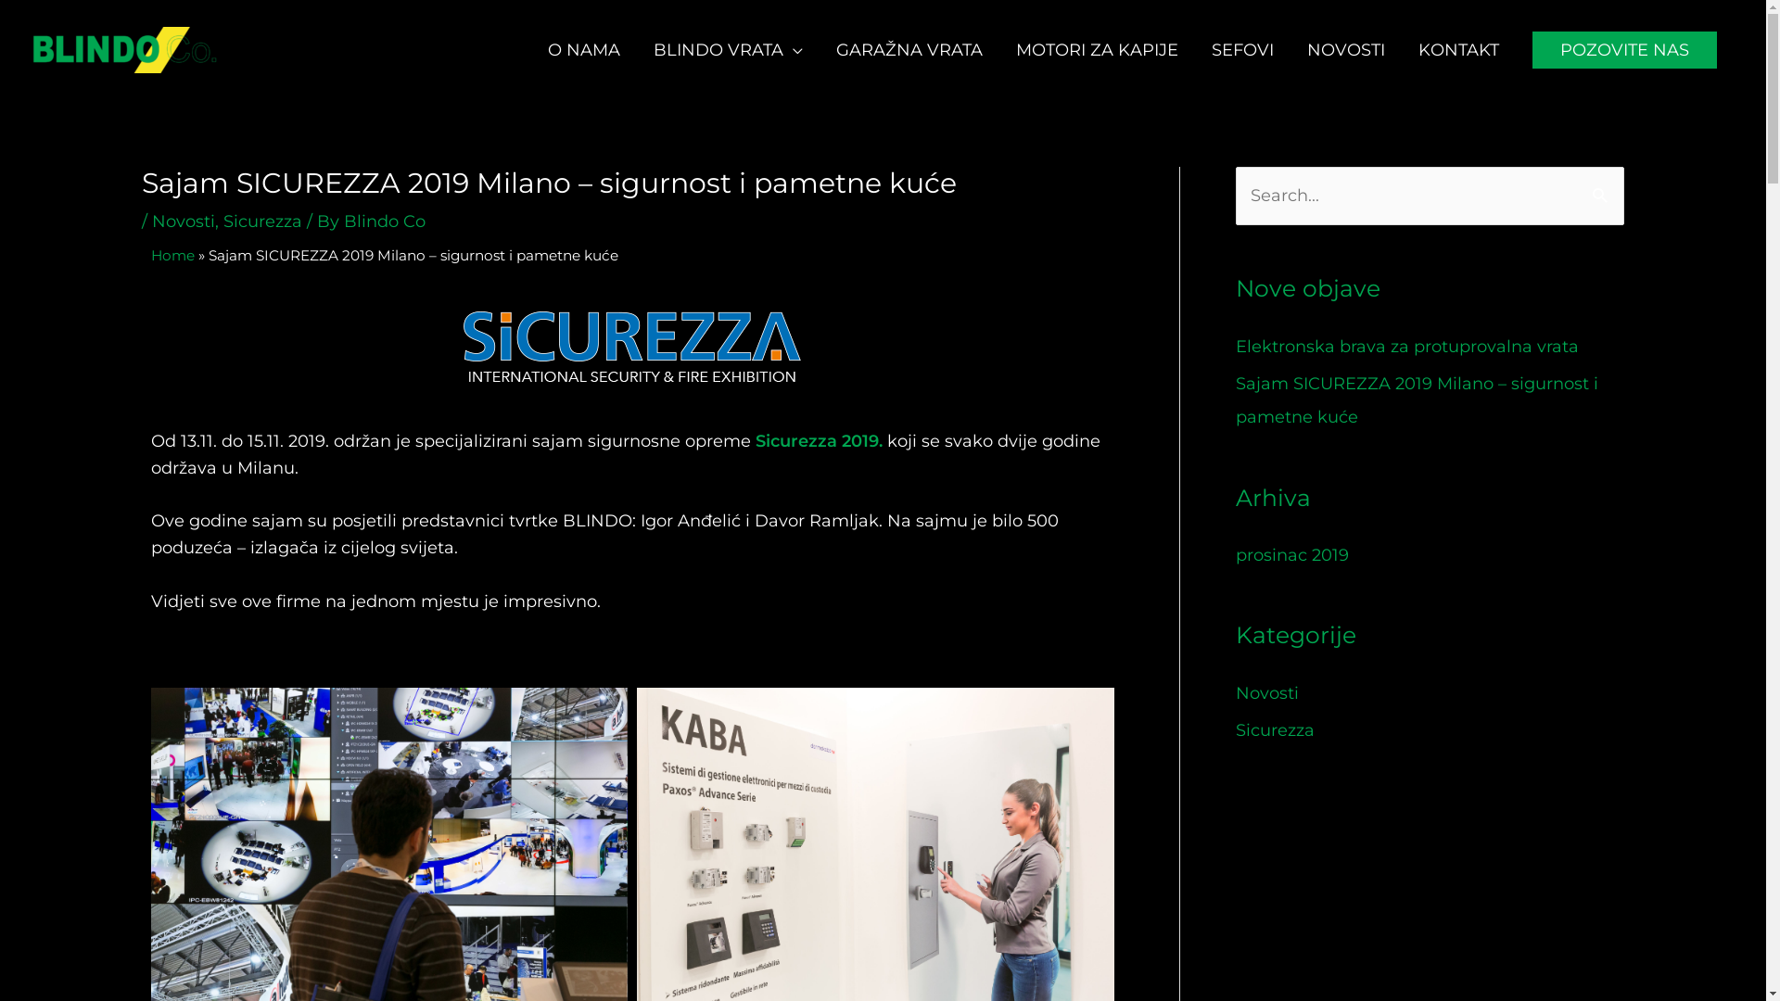 This screenshot has width=1780, height=1001. Describe the element at coordinates (1405, 347) in the screenshot. I see `'Elektronska brava za protuprovalna vrata'` at that location.